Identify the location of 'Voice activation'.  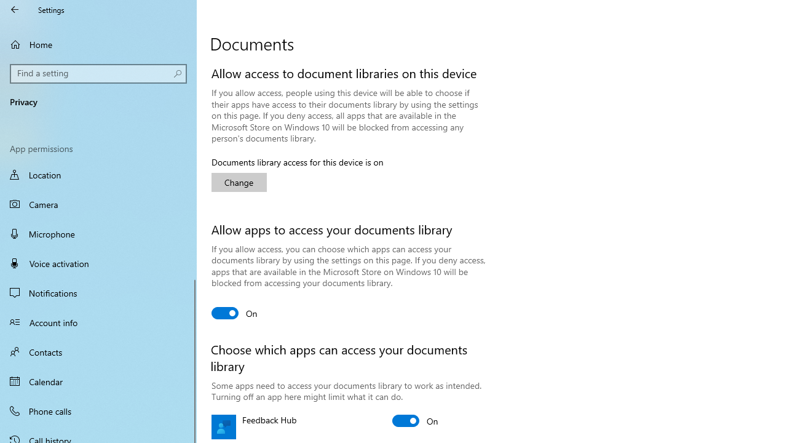
(98, 263).